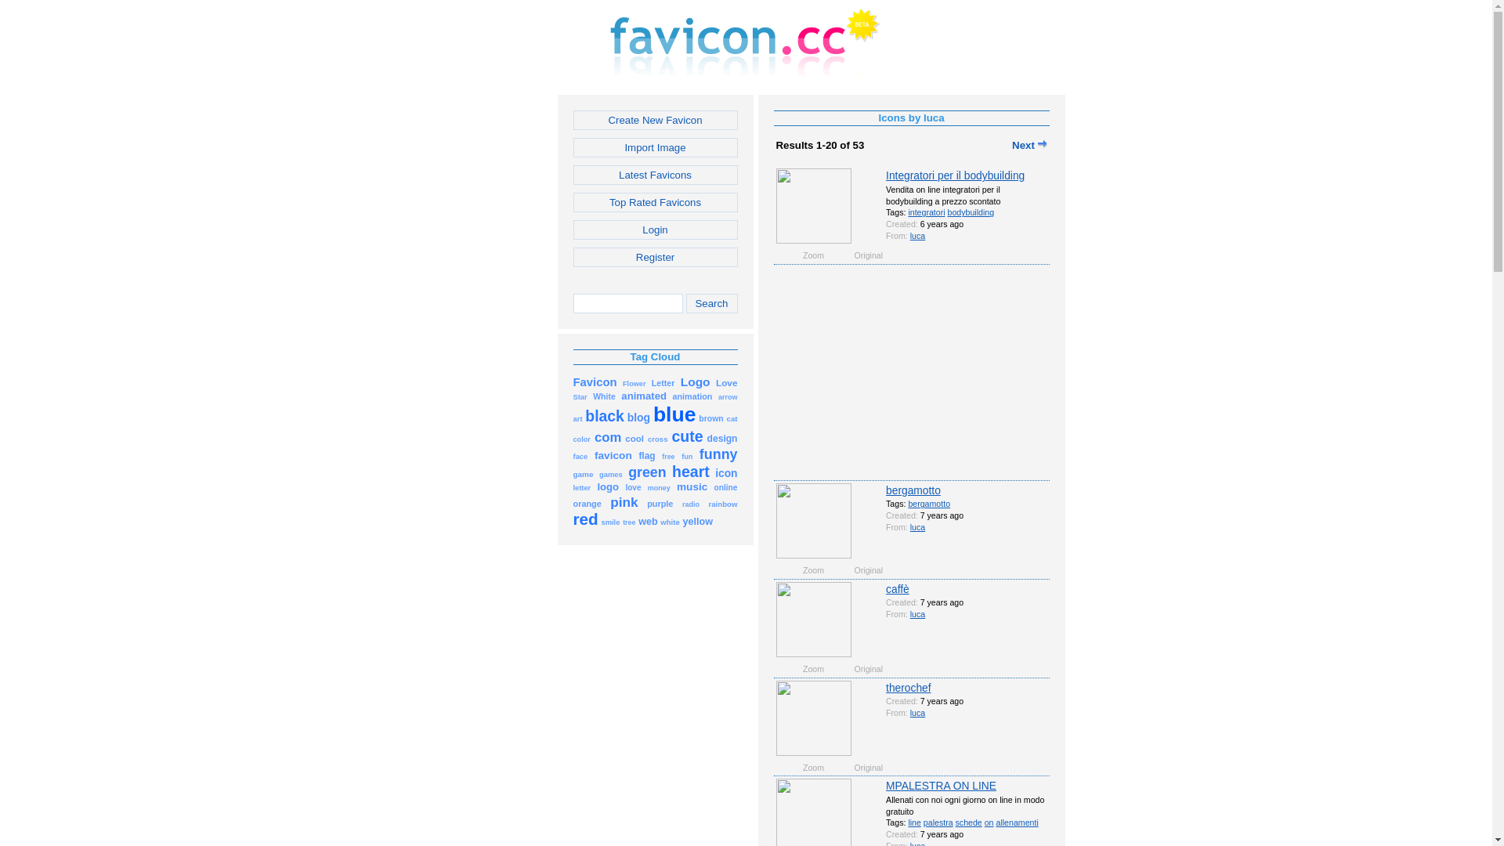 This screenshot has width=1504, height=846. Describe the element at coordinates (632, 486) in the screenshot. I see `'love'` at that location.